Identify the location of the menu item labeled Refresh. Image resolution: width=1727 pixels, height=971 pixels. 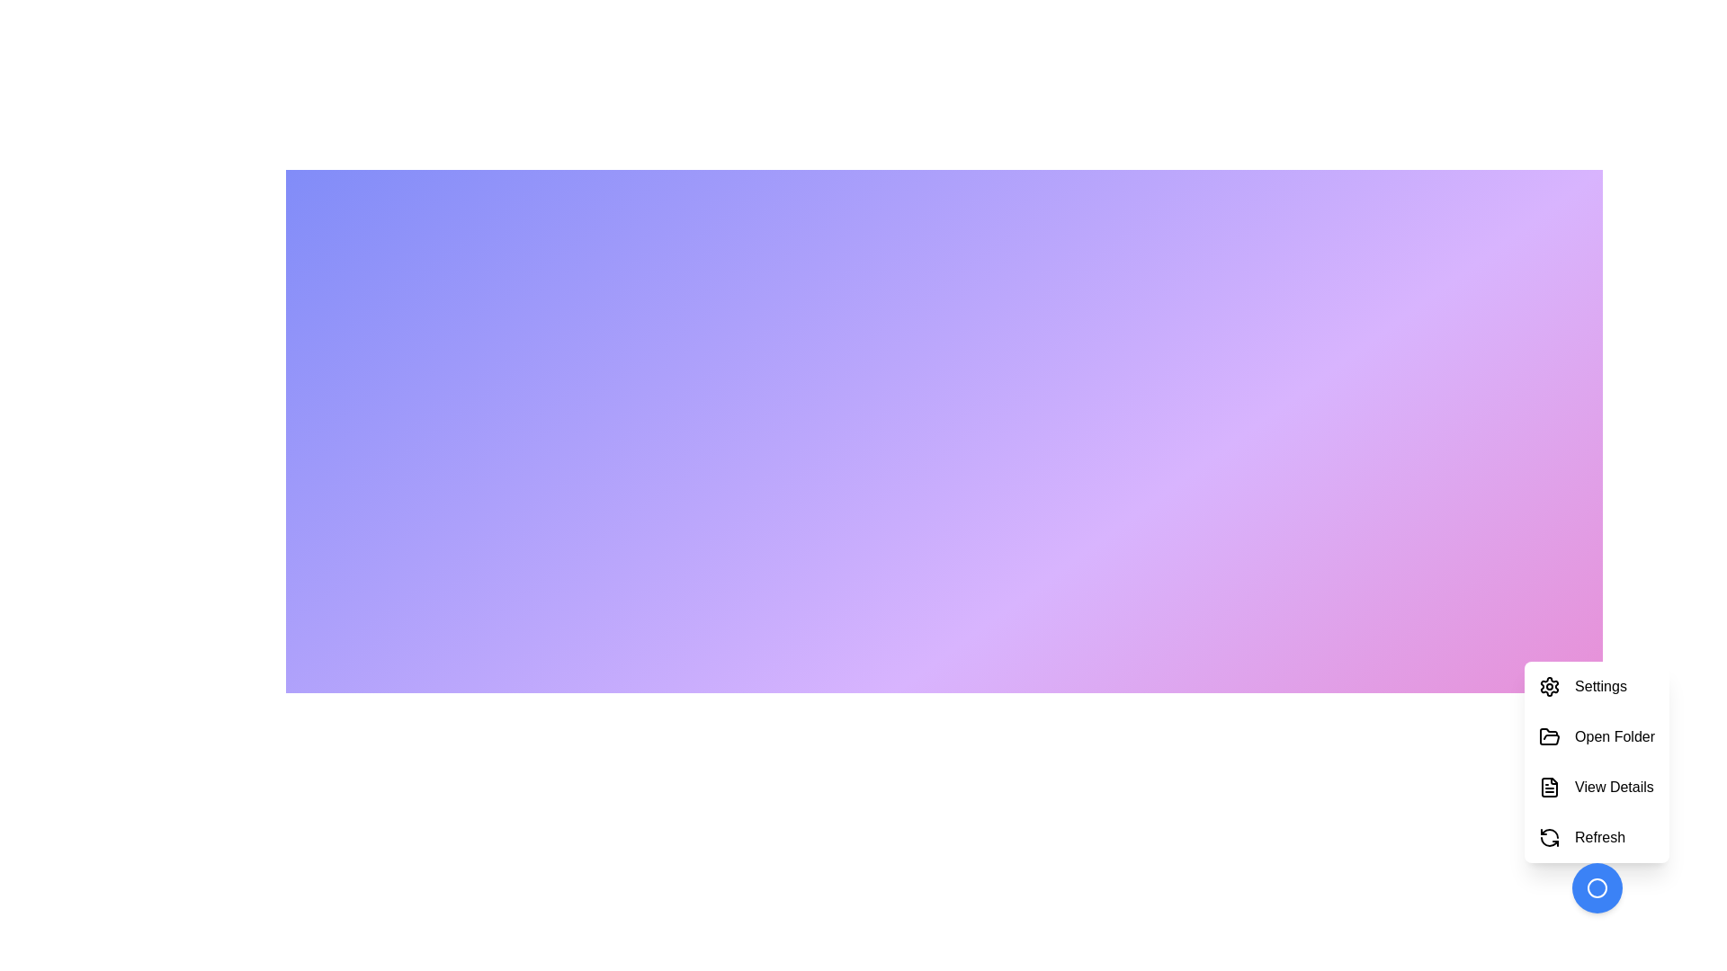
(1597, 838).